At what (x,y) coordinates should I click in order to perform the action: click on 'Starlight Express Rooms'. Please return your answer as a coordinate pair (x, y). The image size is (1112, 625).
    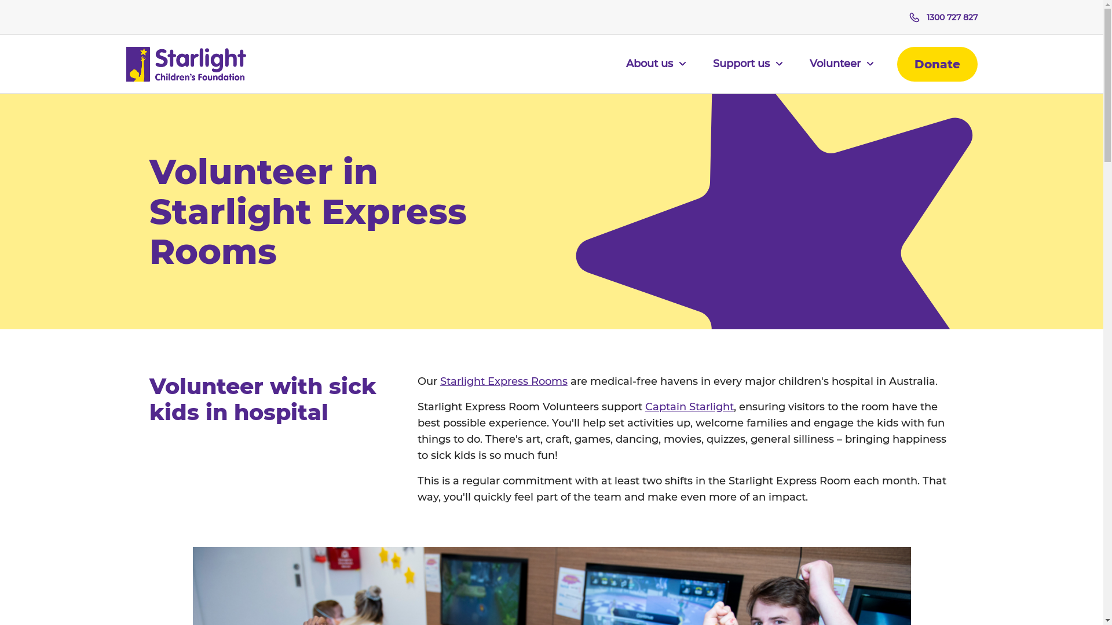
    Looking at the image, I should click on (439, 381).